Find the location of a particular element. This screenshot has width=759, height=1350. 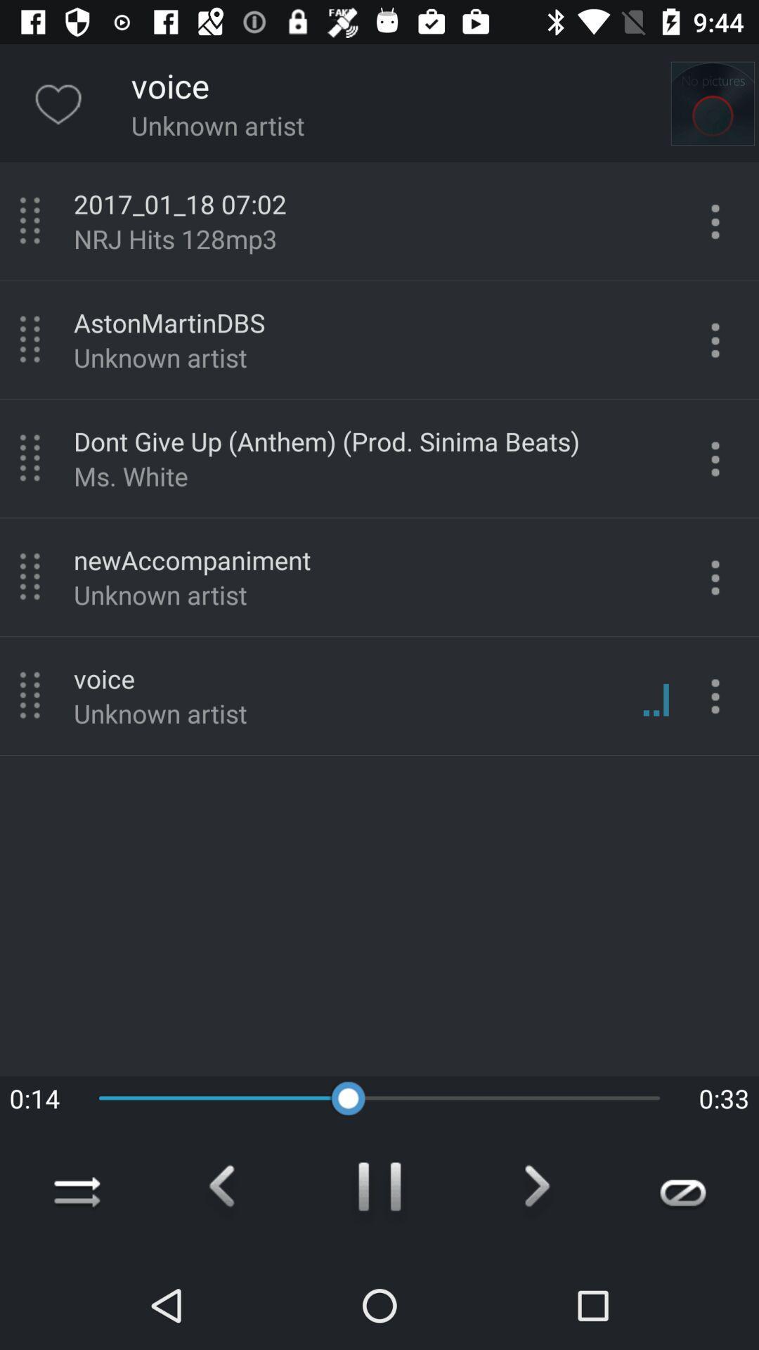

the arrow_forward icon is located at coordinates (531, 1190).